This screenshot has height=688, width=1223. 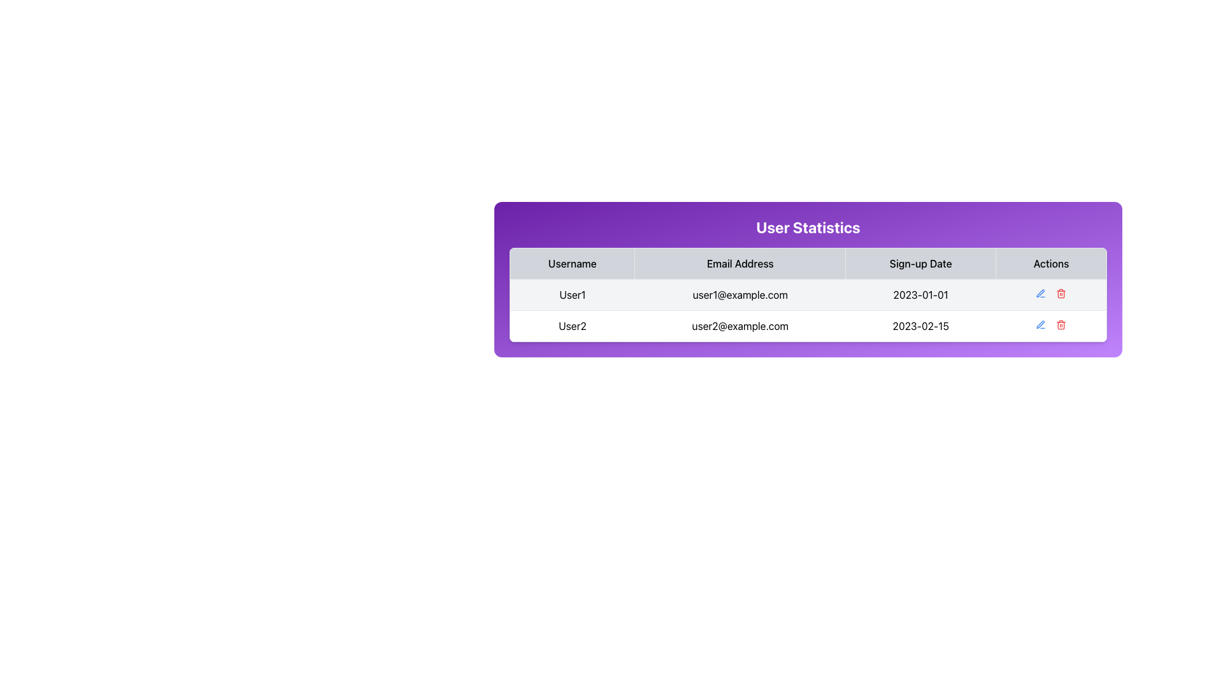 I want to click on the table cell displaying the text '2023-02-15' in the 'Sign-up Date' column for User2 in the 'User Statistics' table, so click(x=920, y=326).